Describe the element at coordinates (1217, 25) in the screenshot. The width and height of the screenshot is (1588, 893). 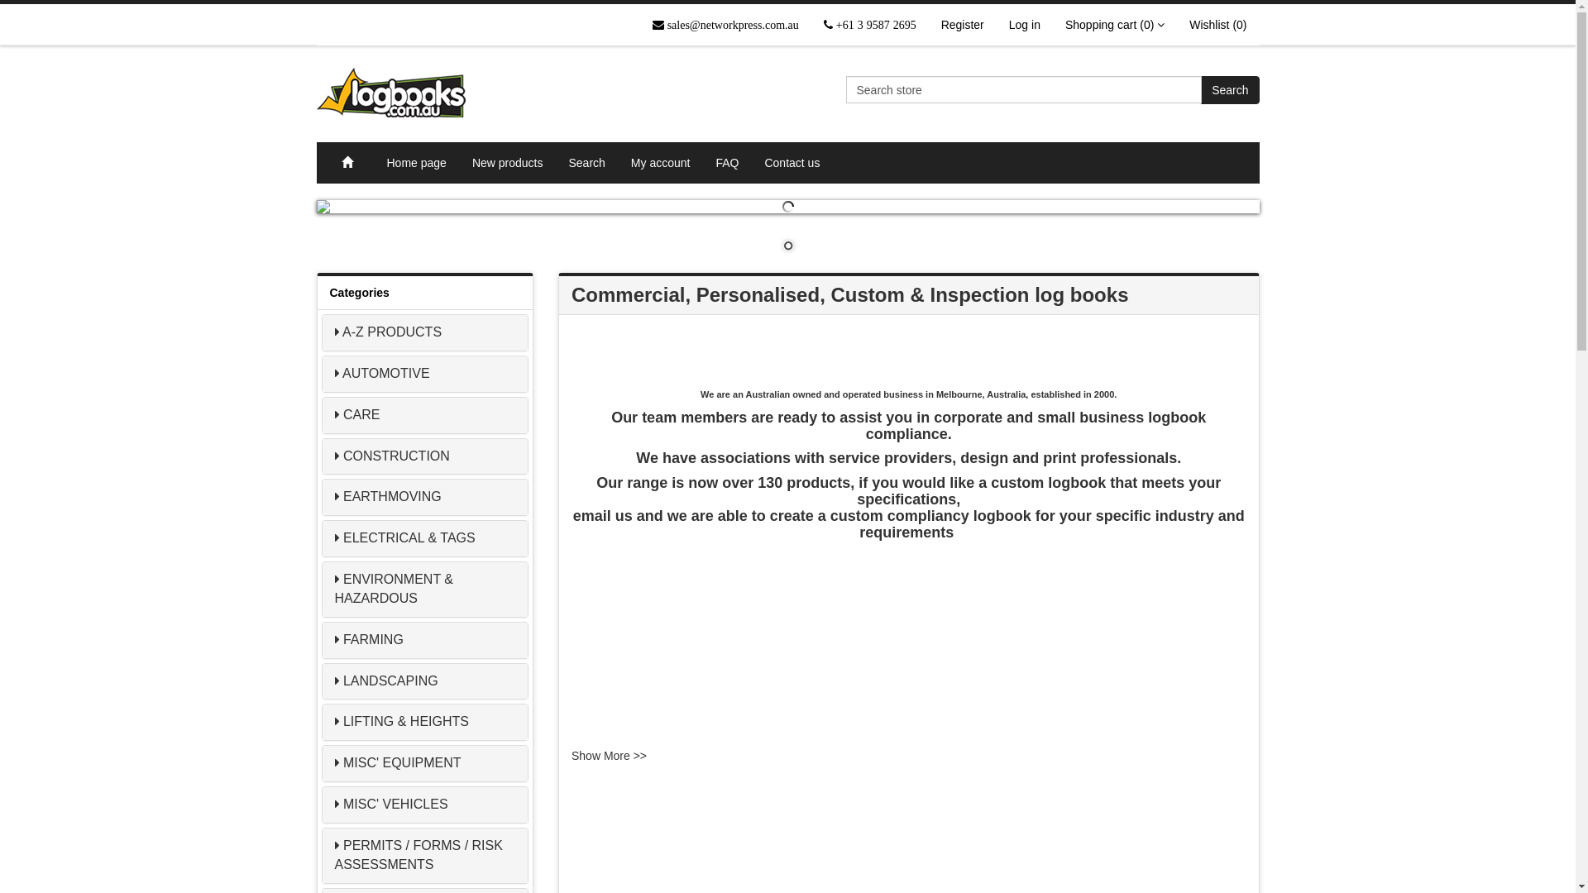
I see `'Wishlist (0)'` at that location.